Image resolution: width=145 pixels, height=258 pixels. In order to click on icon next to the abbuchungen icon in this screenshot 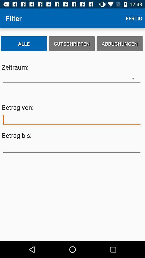, I will do `click(72, 43)`.